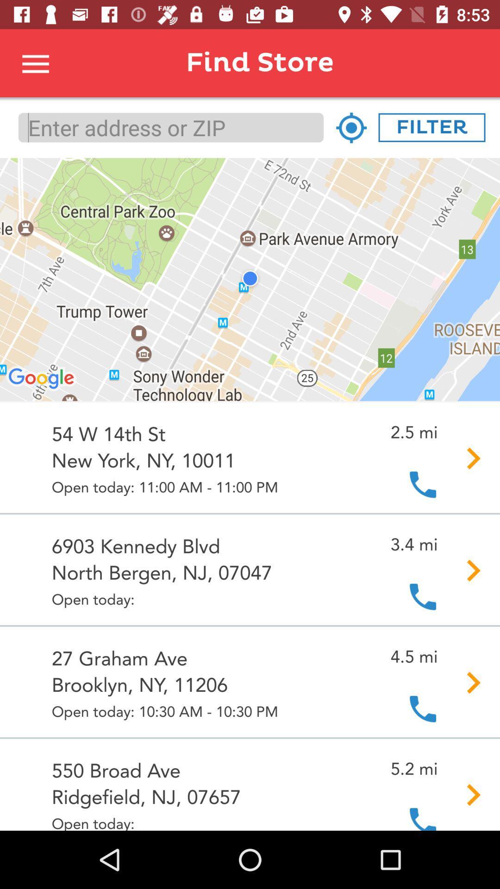 The height and width of the screenshot is (889, 500). Describe the element at coordinates (351, 127) in the screenshot. I see `the place holder beside filter` at that location.